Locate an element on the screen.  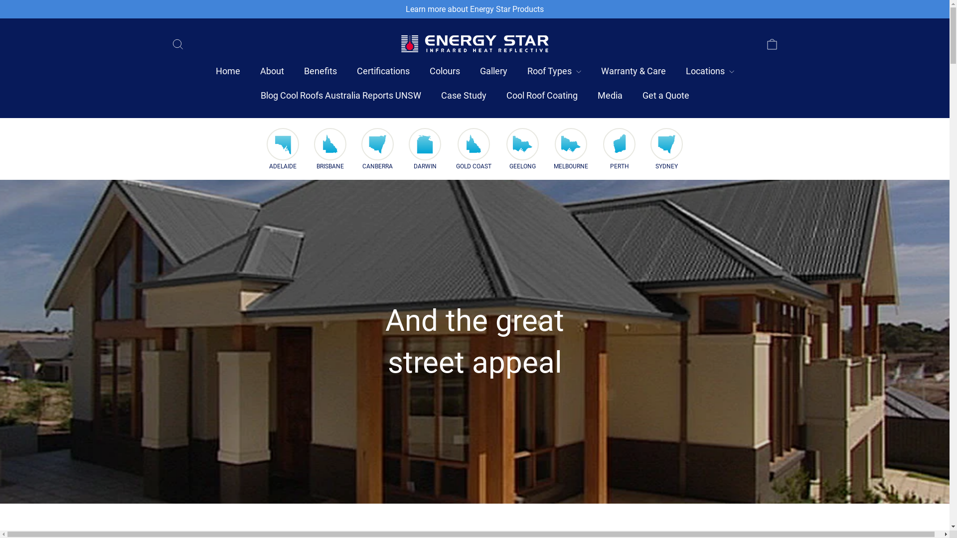
'Case Study' is located at coordinates (431, 96).